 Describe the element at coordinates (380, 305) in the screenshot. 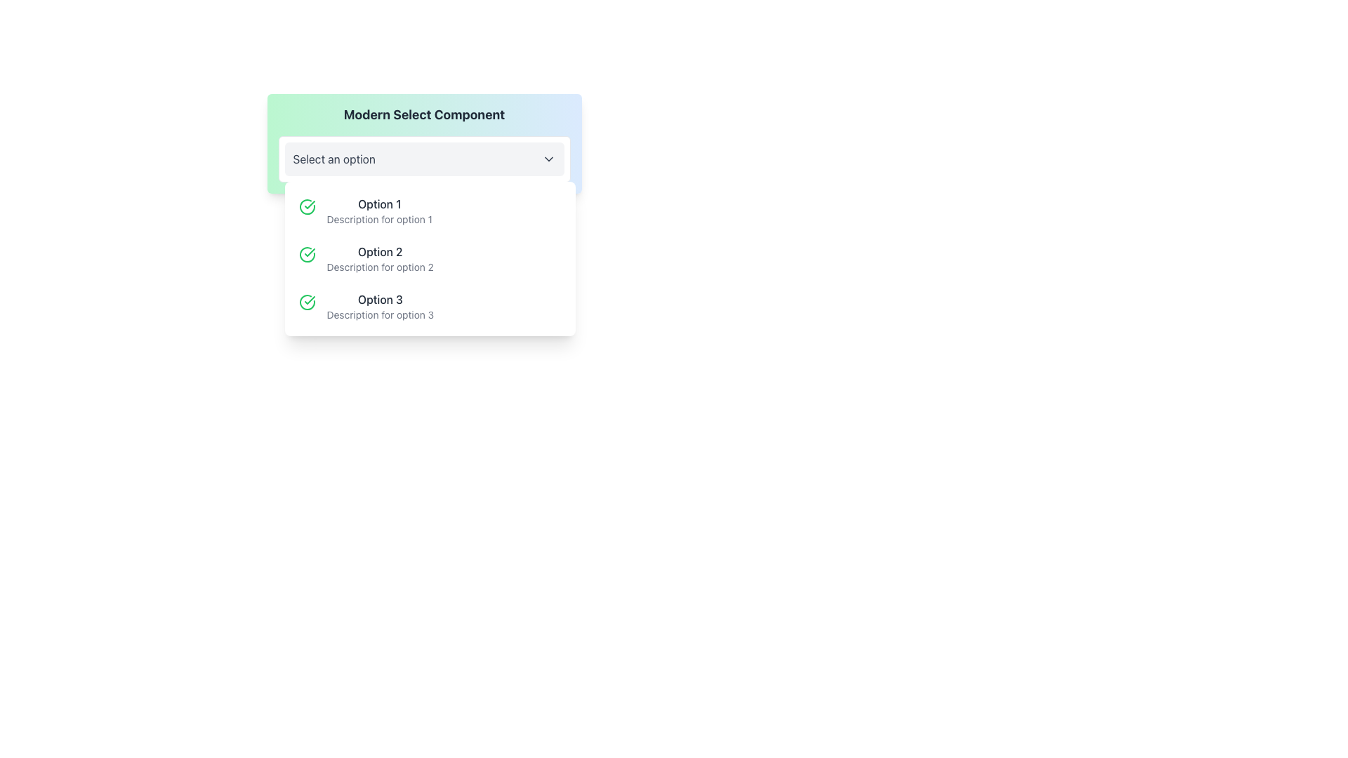

I see `the third option in the dropdown that displays 'Option 3' with a description below it` at that location.